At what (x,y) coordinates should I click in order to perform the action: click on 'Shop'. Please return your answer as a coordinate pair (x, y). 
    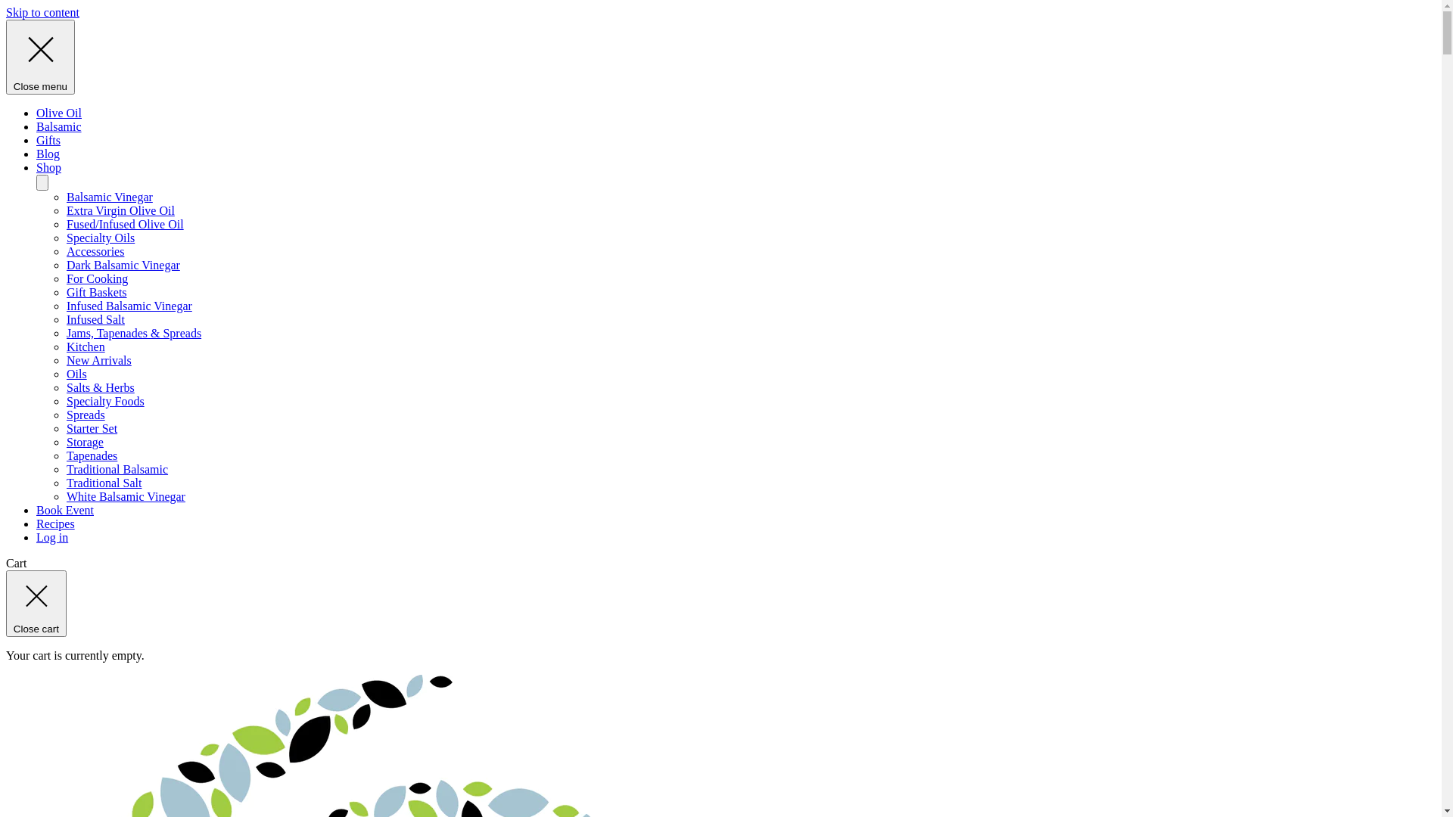
    Looking at the image, I should click on (48, 167).